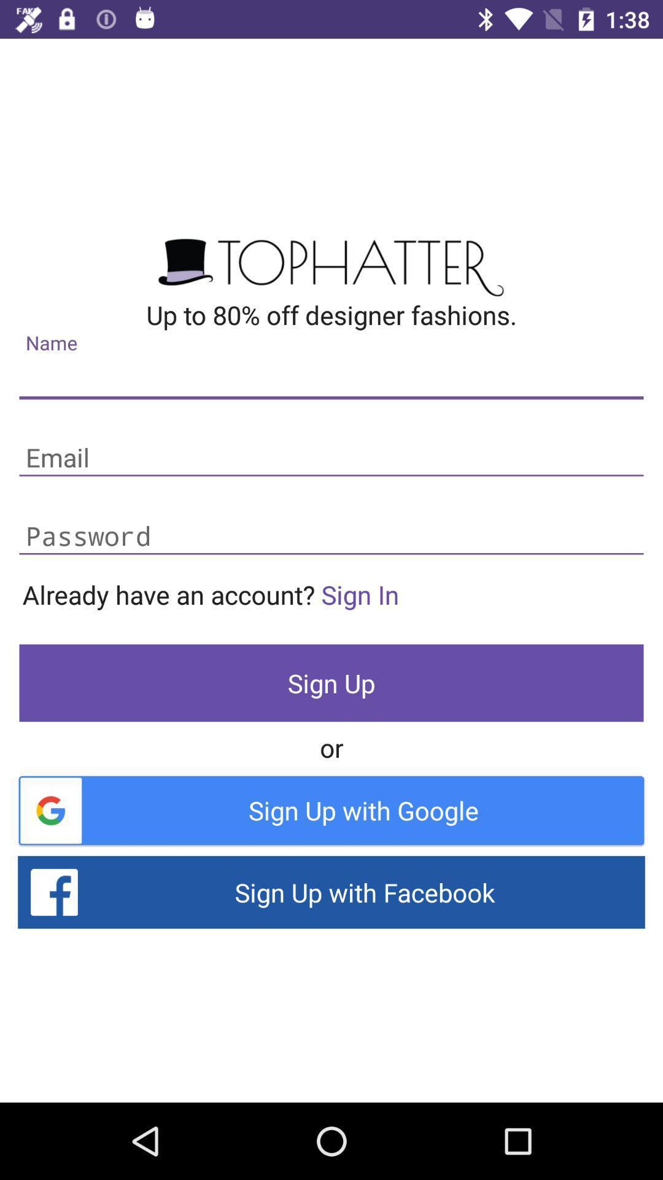 The image size is (663, 1180). What do you see at coordinates (331, 458) in the screenshot?
I see `login` at bounding box center [331, 458].